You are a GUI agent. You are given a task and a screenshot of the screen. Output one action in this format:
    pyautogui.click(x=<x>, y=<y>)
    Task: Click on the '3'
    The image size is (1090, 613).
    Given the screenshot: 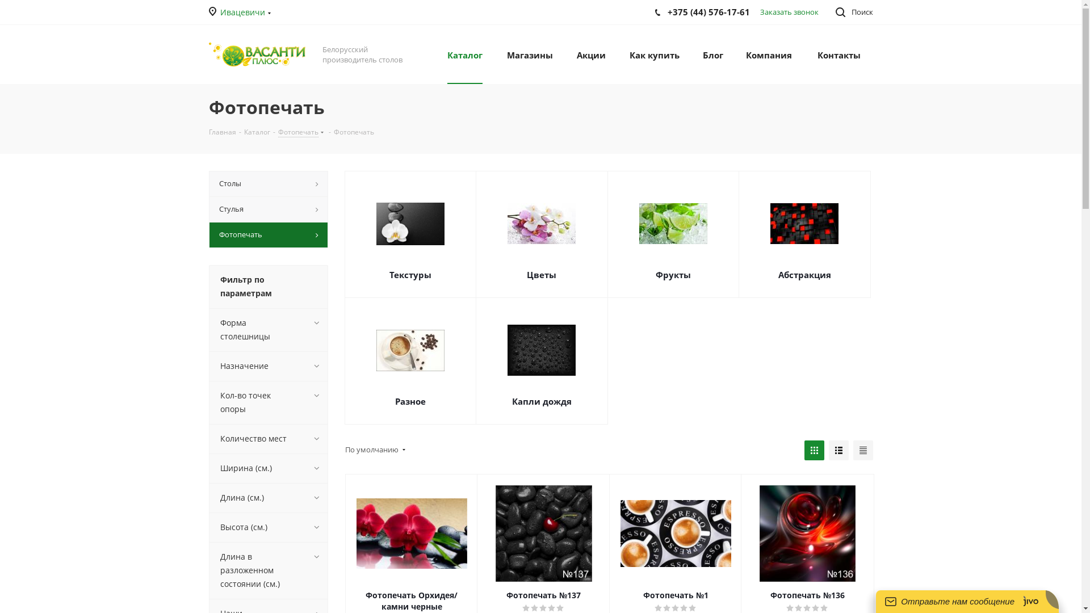 What is the action you would take?
    pyautogui.click(x=543, y=608)
    